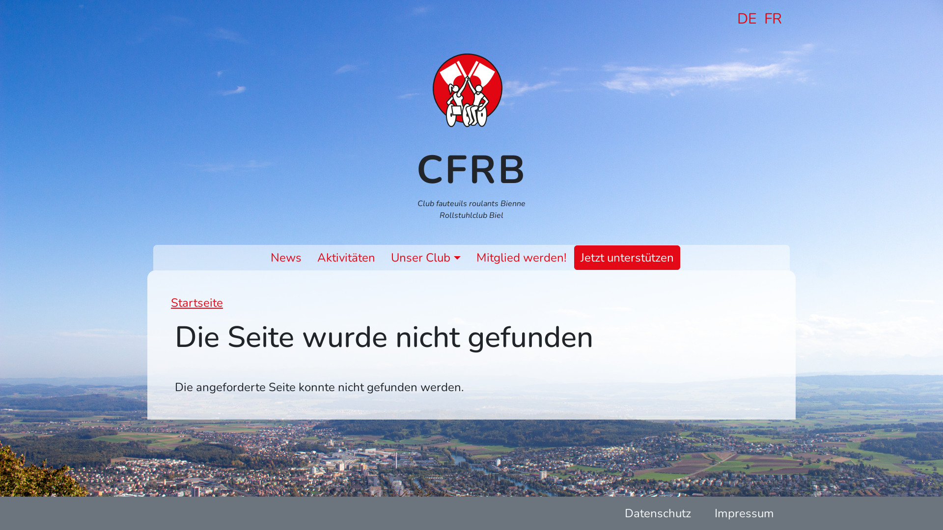 This screenshot has width=943, height=530. What do you see at coordinates (472, 257) in the screenshot?
I see `'Mitglied werden!'` at bounding box center [472, 257].